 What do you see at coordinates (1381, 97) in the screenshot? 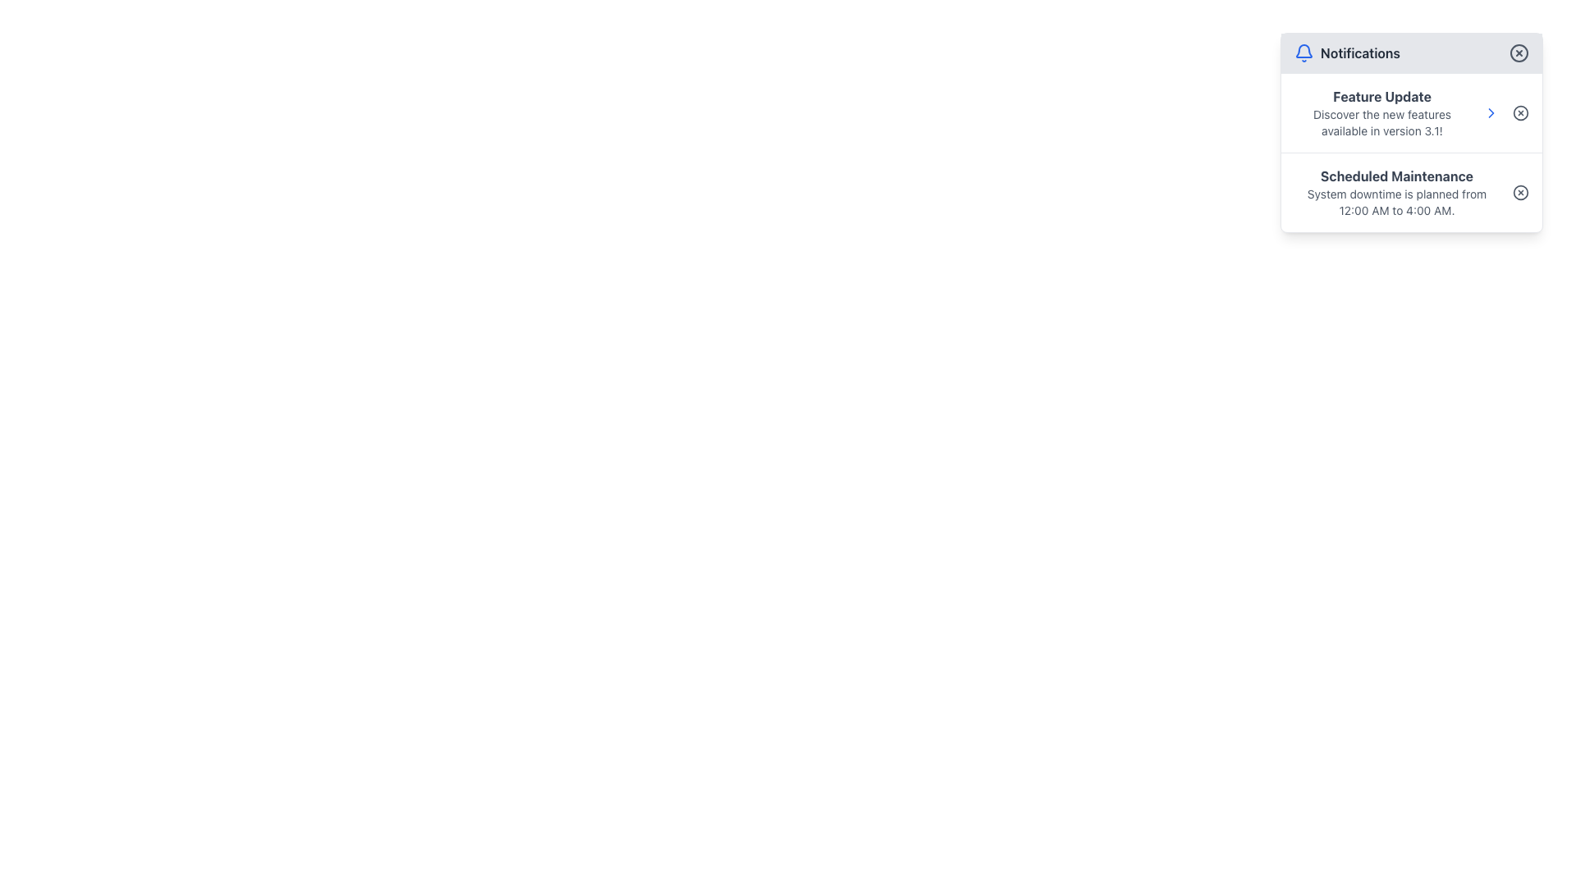
I see `text element that serves as the title for the notification about new features, positioned in the Notifications panel` at bounding box center [1381, 97].